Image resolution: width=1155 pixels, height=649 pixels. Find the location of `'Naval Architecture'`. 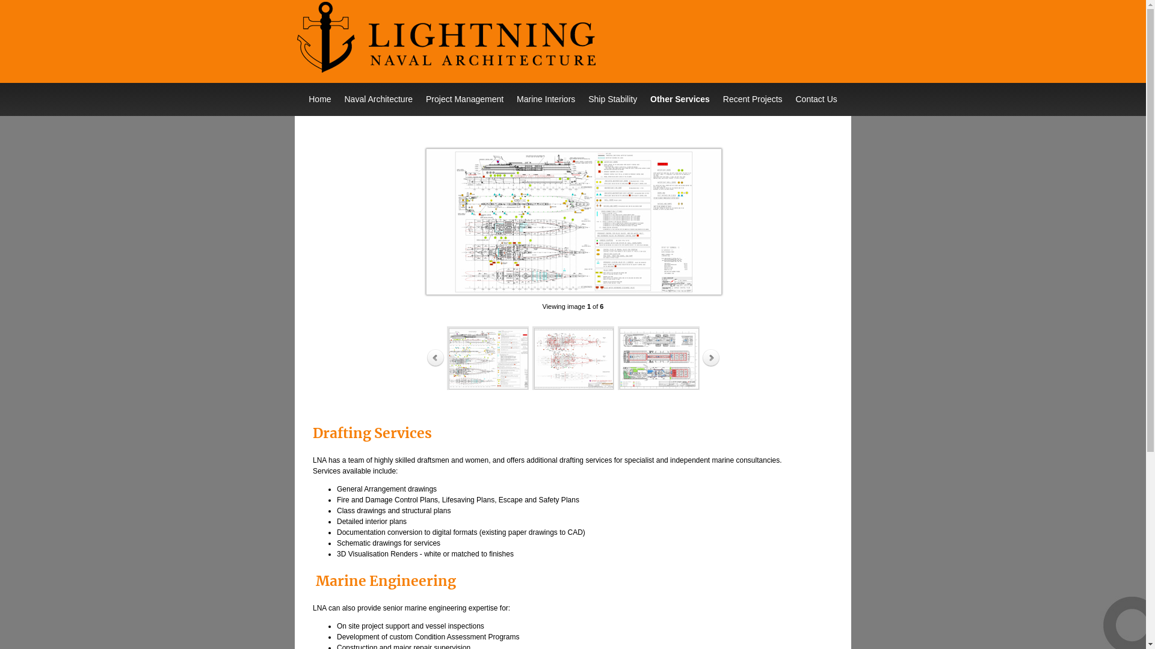

'Naval Architecture' is located at coordinates (337, 99).